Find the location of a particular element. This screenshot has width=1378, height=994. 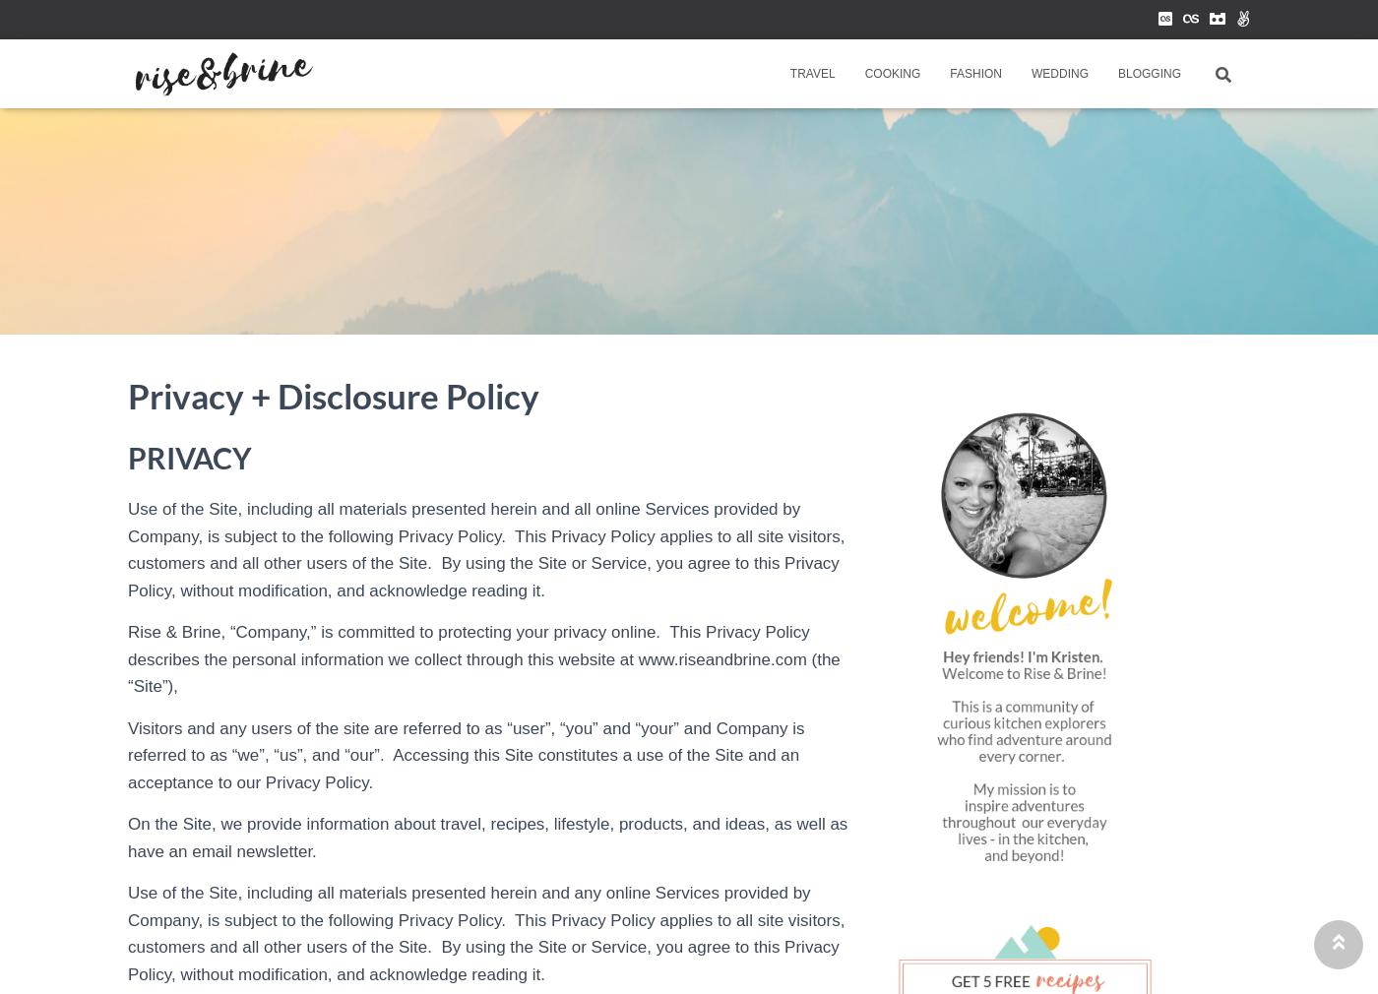

'Use of the Site, including all materials presented herein and any online Services provided by Company, is subject to the following Privacy Policy.  This Privacy Policy applies to all site visitors, customers and all other users of the Site.  By using the Site or Service, you agree to this Privacy Policy, without modification, and acknowledge reading it.' is located at coordinates (128, 933).